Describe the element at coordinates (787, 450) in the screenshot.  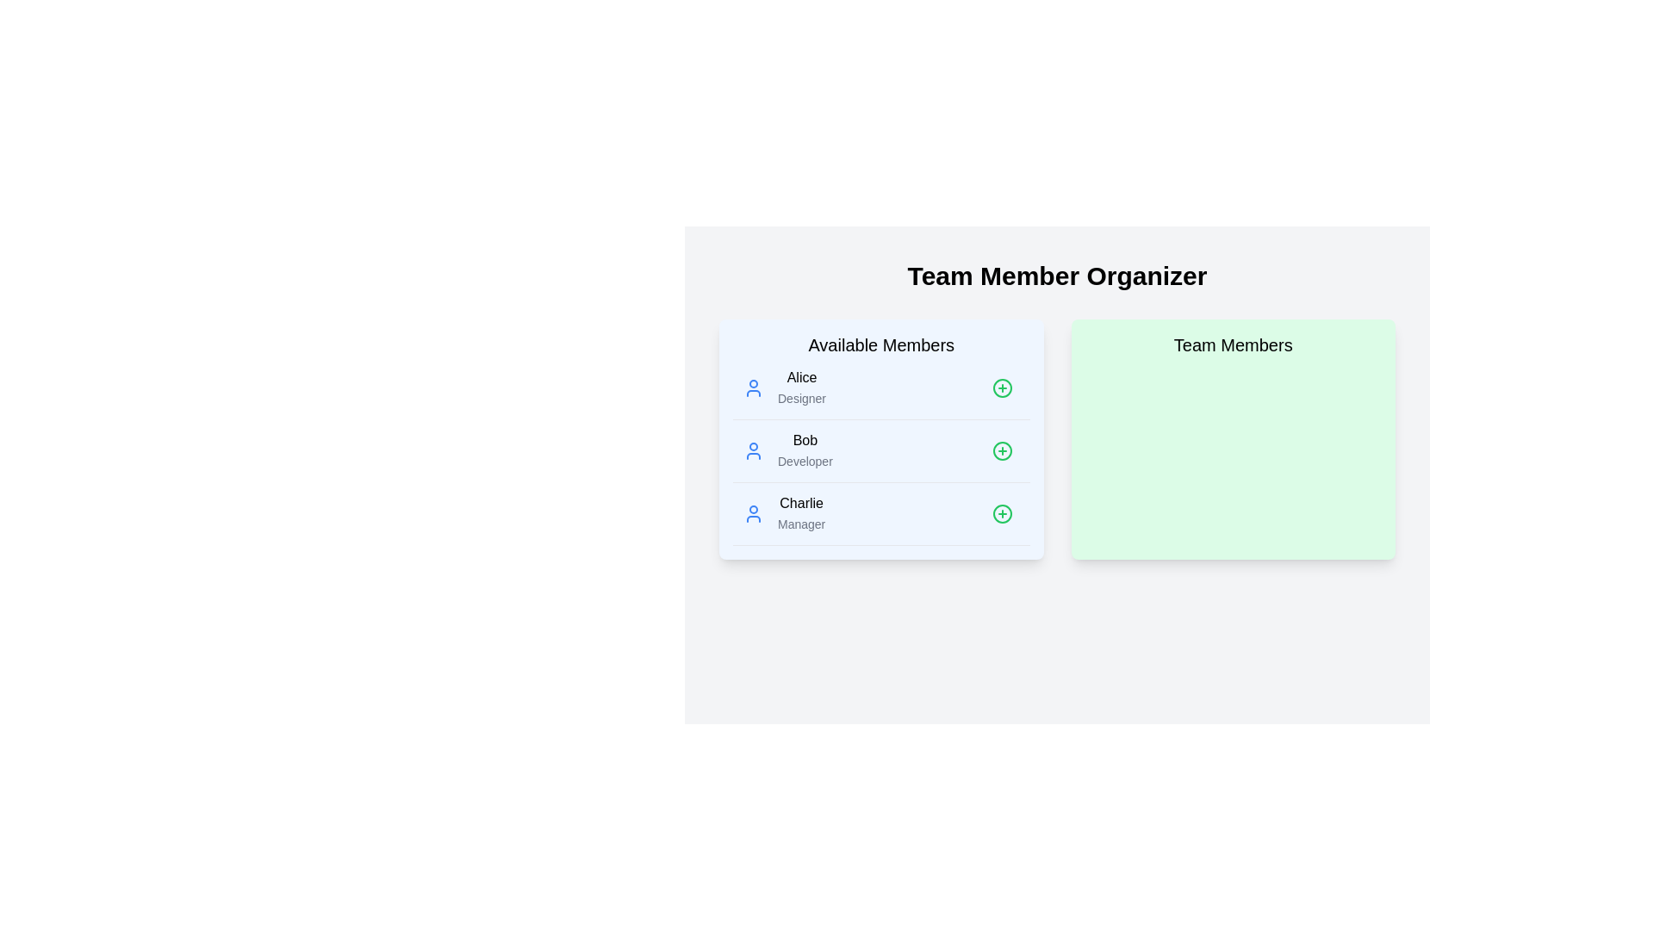
I see `the user icon representing team member 'Bob', who is a 'Developer', located below 'Alice' and above 'Charlie' in the 'Available Members' list` at that location.